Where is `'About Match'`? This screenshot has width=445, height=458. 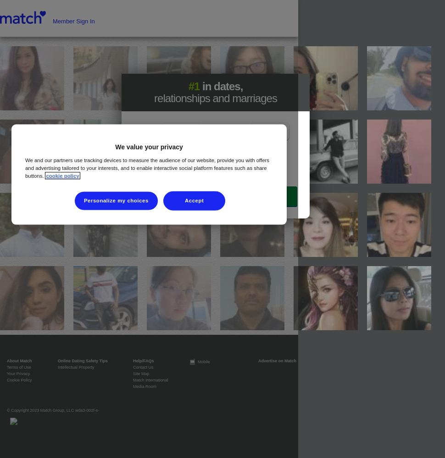
'About Match' is located at coordinates (19, 361).